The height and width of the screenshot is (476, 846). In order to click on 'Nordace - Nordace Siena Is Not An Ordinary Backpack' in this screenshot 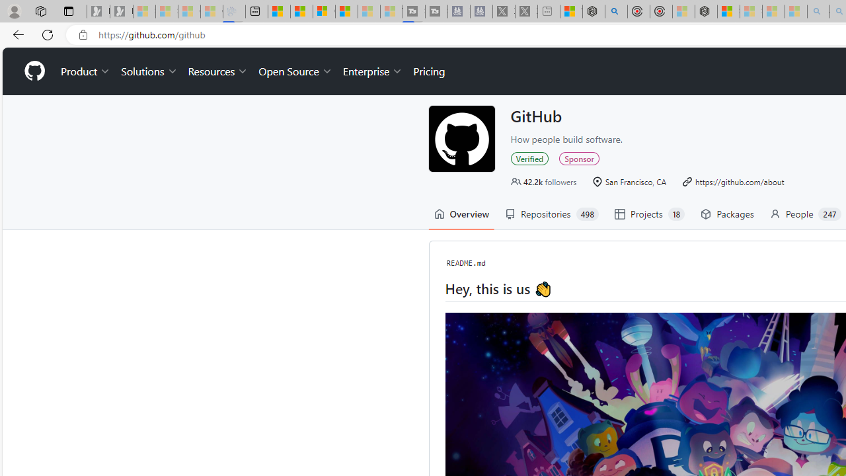, I will do `click(705, 11)`.